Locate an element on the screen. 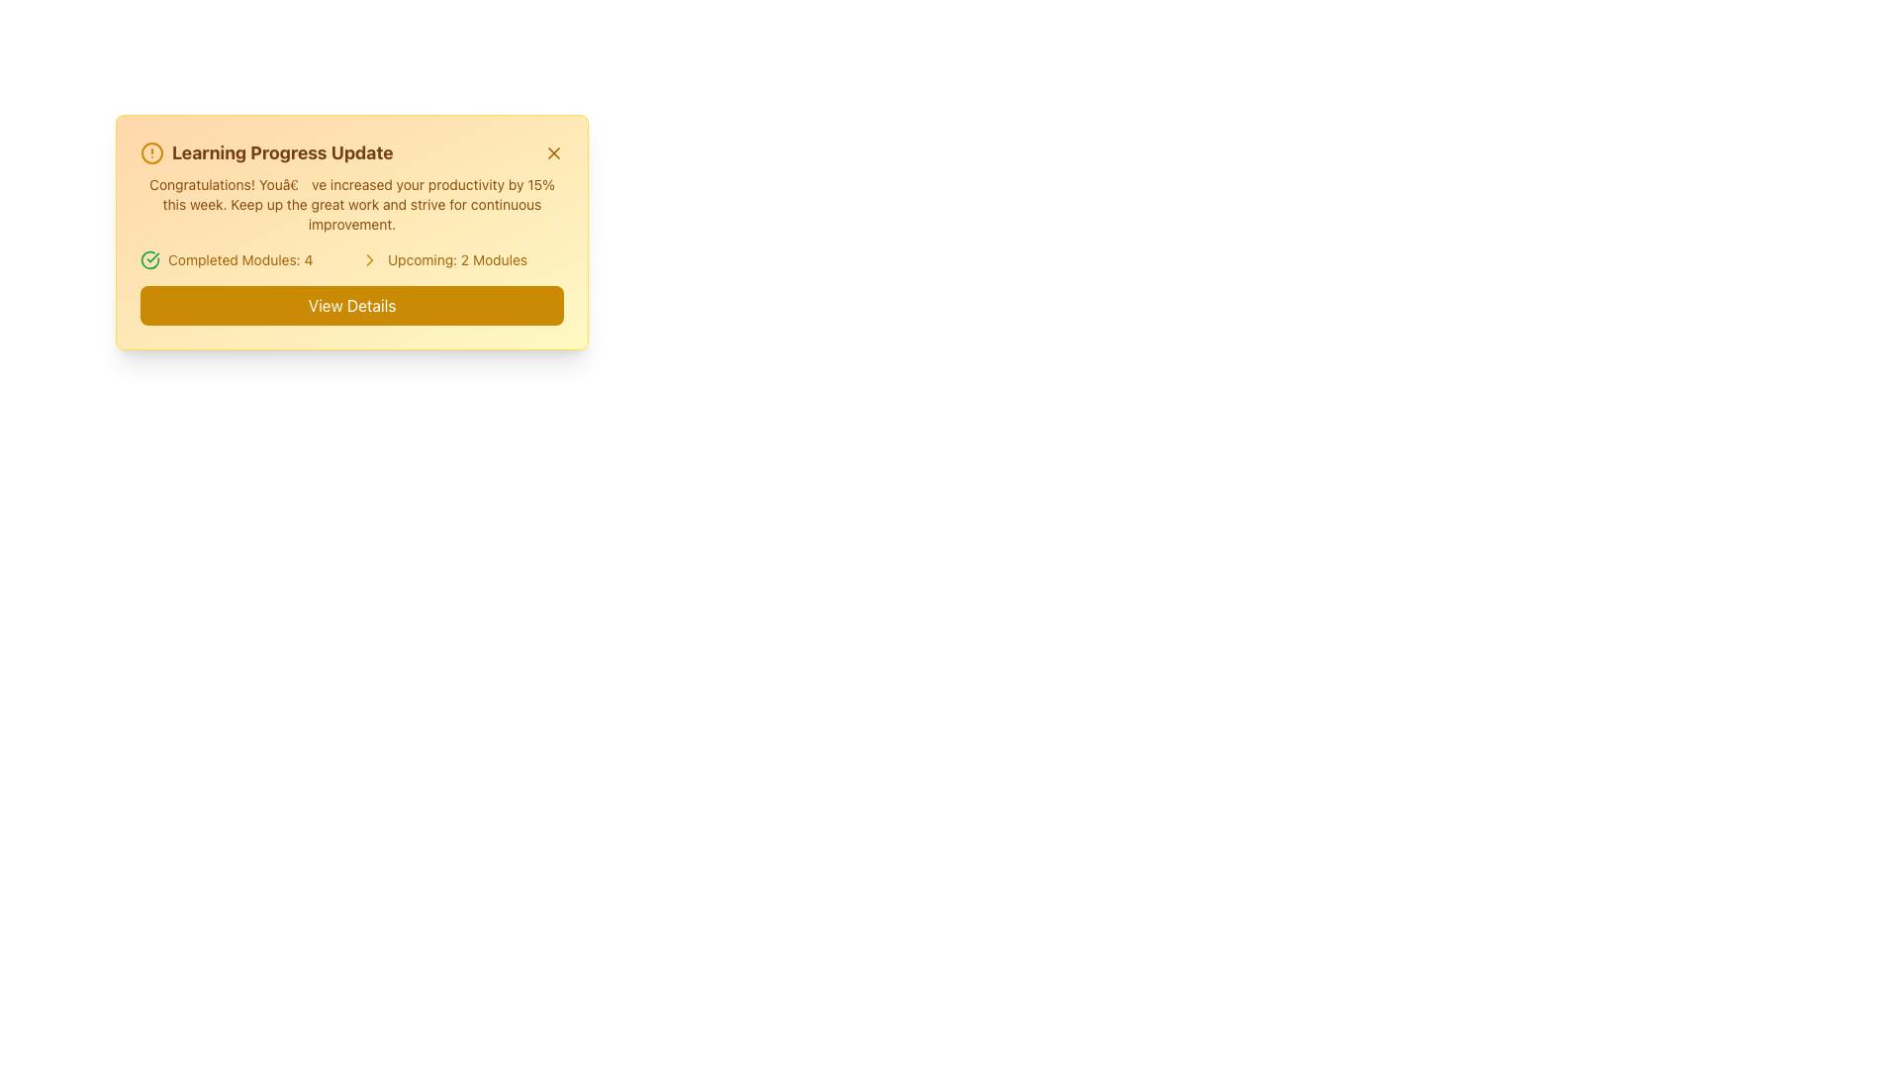  the cross icon located in the top-right corner of the notification card to trigger visual feedback is located at coordinates (554, 151).